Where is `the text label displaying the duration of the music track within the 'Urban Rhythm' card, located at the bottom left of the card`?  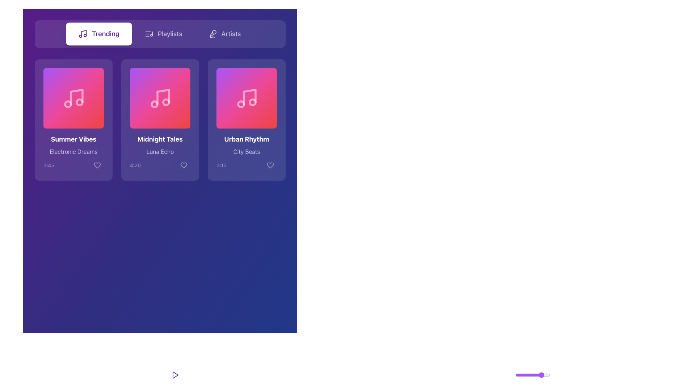
the text label displaying the duration of the music track within the 'Urban Rhythm' card, located at the bottom left of the card is located at coordinates (221, 165).